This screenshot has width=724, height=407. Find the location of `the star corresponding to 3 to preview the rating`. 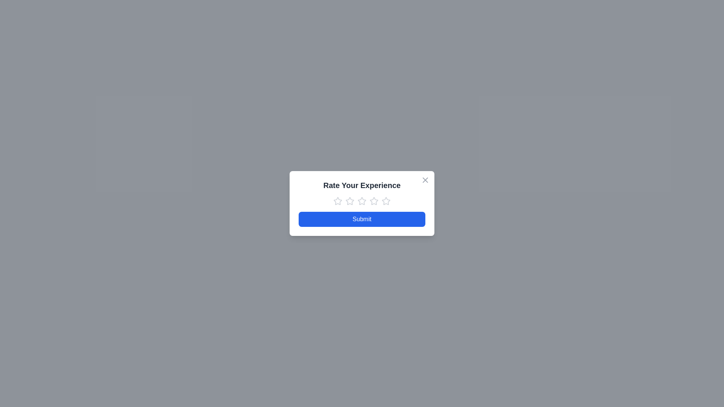

the star corresponding to 3 to preview the rating is located at coordinates (362, 200).